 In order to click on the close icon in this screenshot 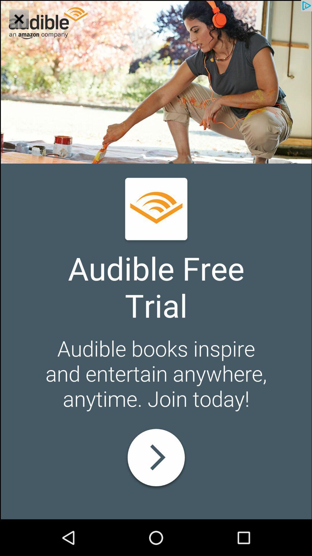, I will do `click(18, 20)`.